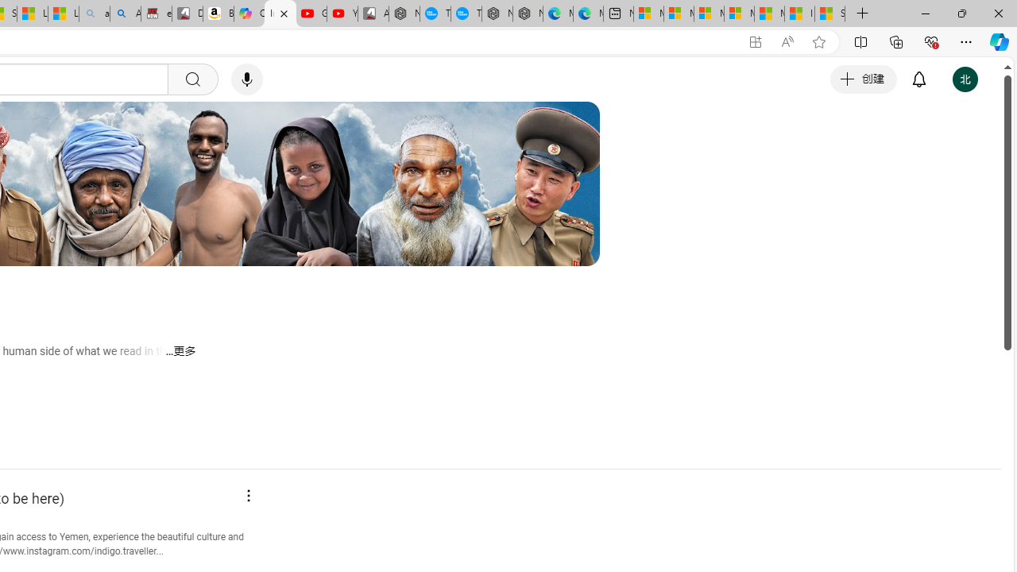  I want to click on 'Indigo Traveller - YouTube', so click(280, 14).